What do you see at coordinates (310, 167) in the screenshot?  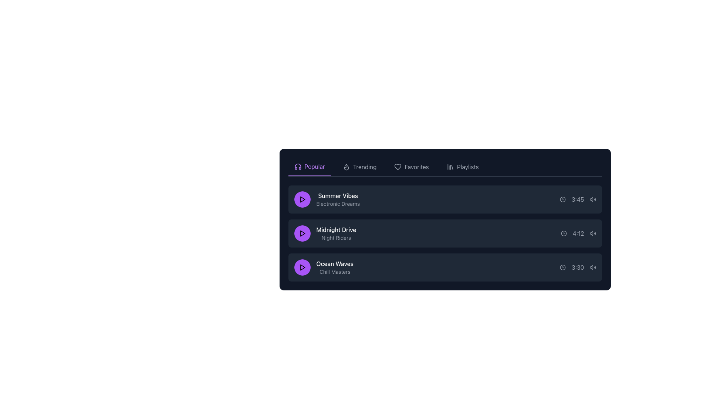 I see `the leftmost navigational tab button with an icon and text` at bounding box center [310, 167].